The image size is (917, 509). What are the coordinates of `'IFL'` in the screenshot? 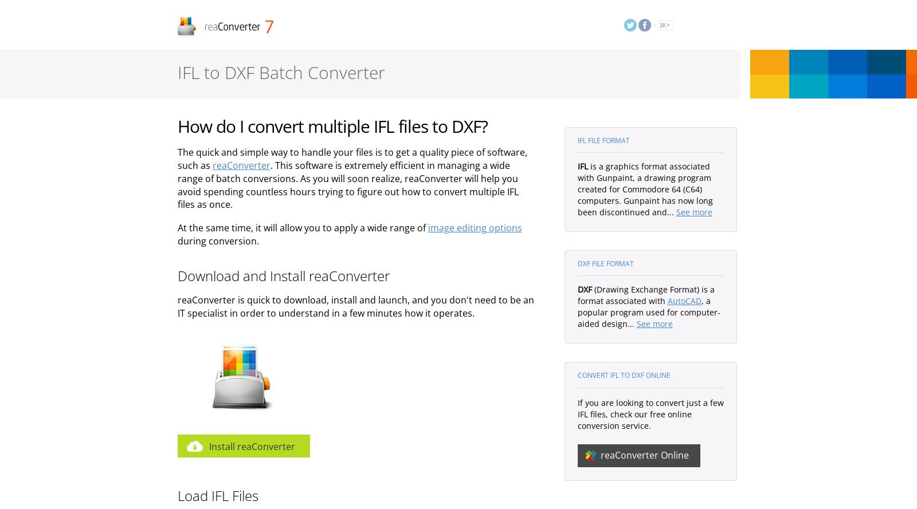 It's located at (582, 166).